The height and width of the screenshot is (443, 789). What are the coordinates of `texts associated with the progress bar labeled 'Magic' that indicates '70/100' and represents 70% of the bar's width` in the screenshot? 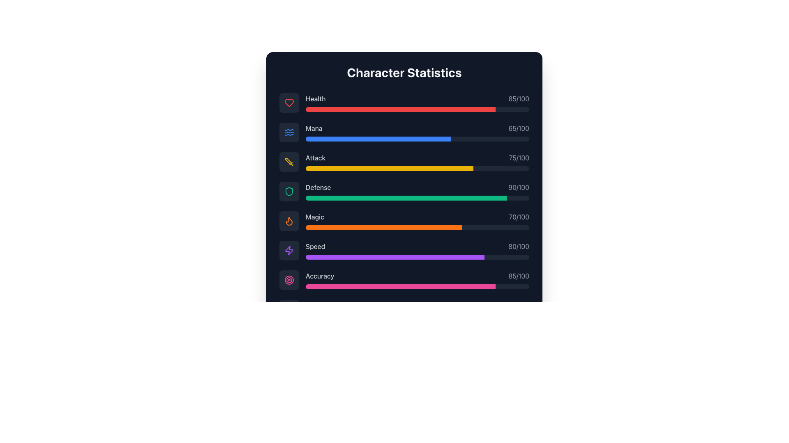 It's located at (418, 221).